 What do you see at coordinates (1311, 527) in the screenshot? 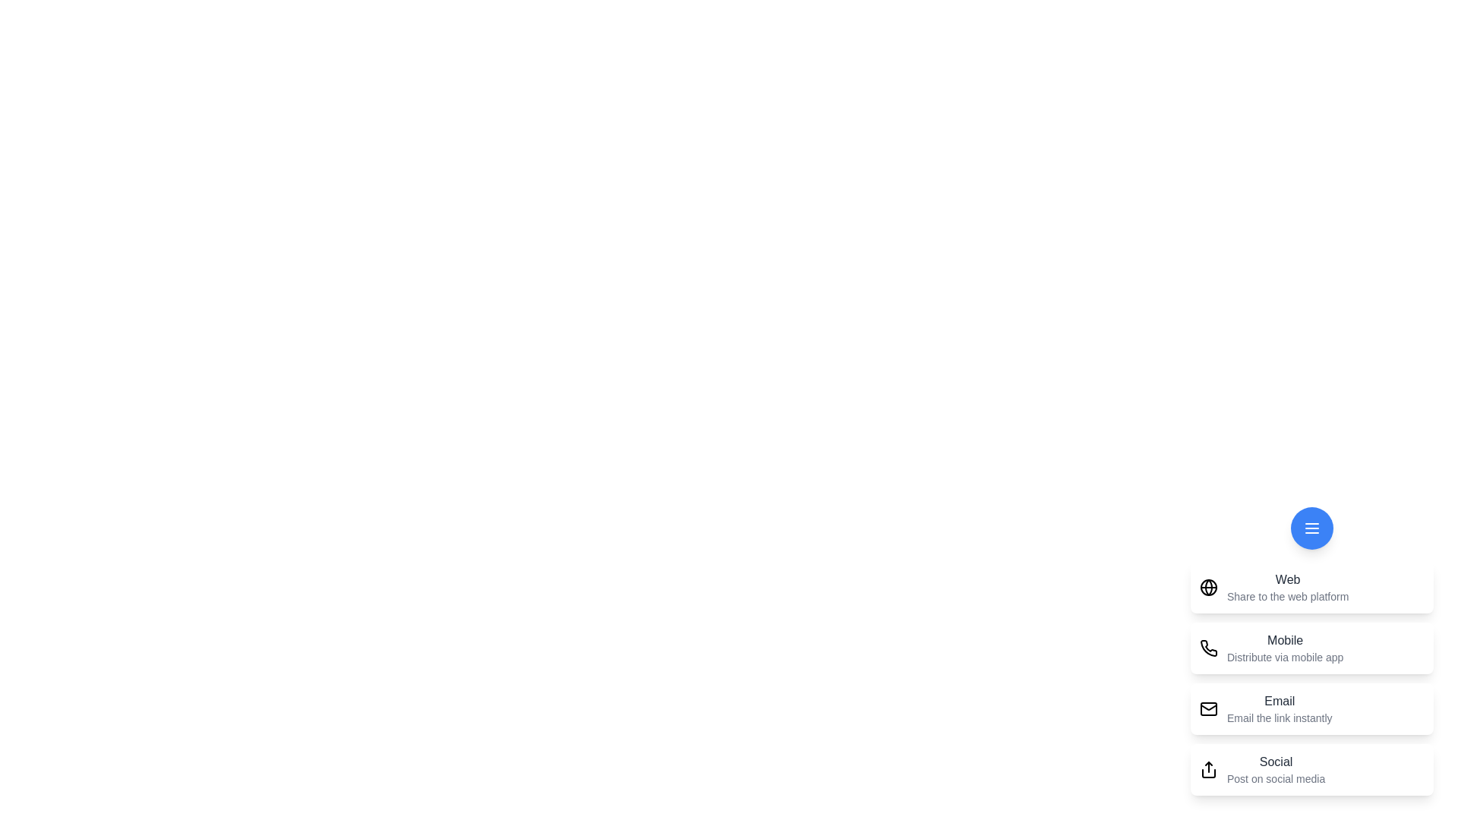
I see `the speed dial toggle button to toggle the menu` at bounding box center [1311, 527].